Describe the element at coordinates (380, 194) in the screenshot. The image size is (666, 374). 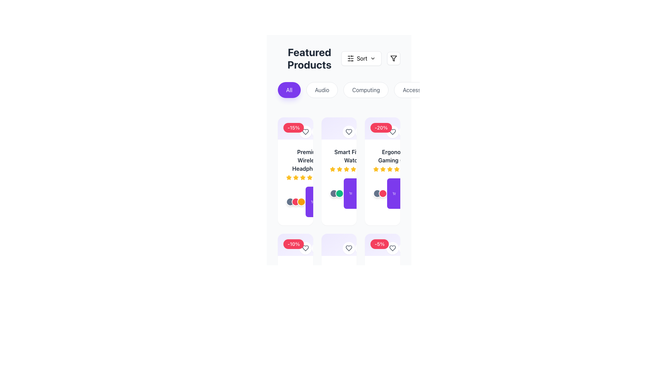
I see `the red circular option in the toggle selection component located above the 'Add to Cart' button on the rightmost product card` at that location.